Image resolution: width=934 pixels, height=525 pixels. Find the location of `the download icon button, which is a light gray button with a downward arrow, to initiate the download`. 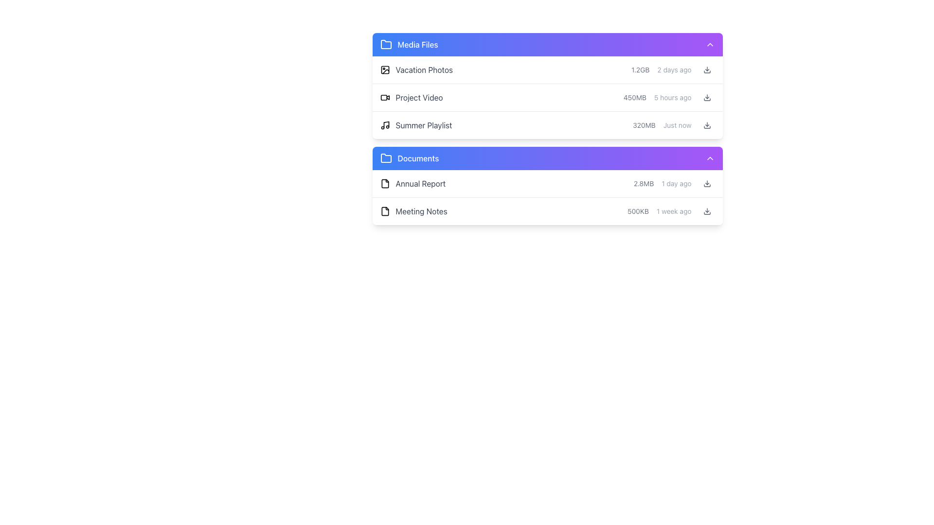

the download icon button, which is a light gray button with a downward arrow, to initiate the download is located at coordinates (707, 125).